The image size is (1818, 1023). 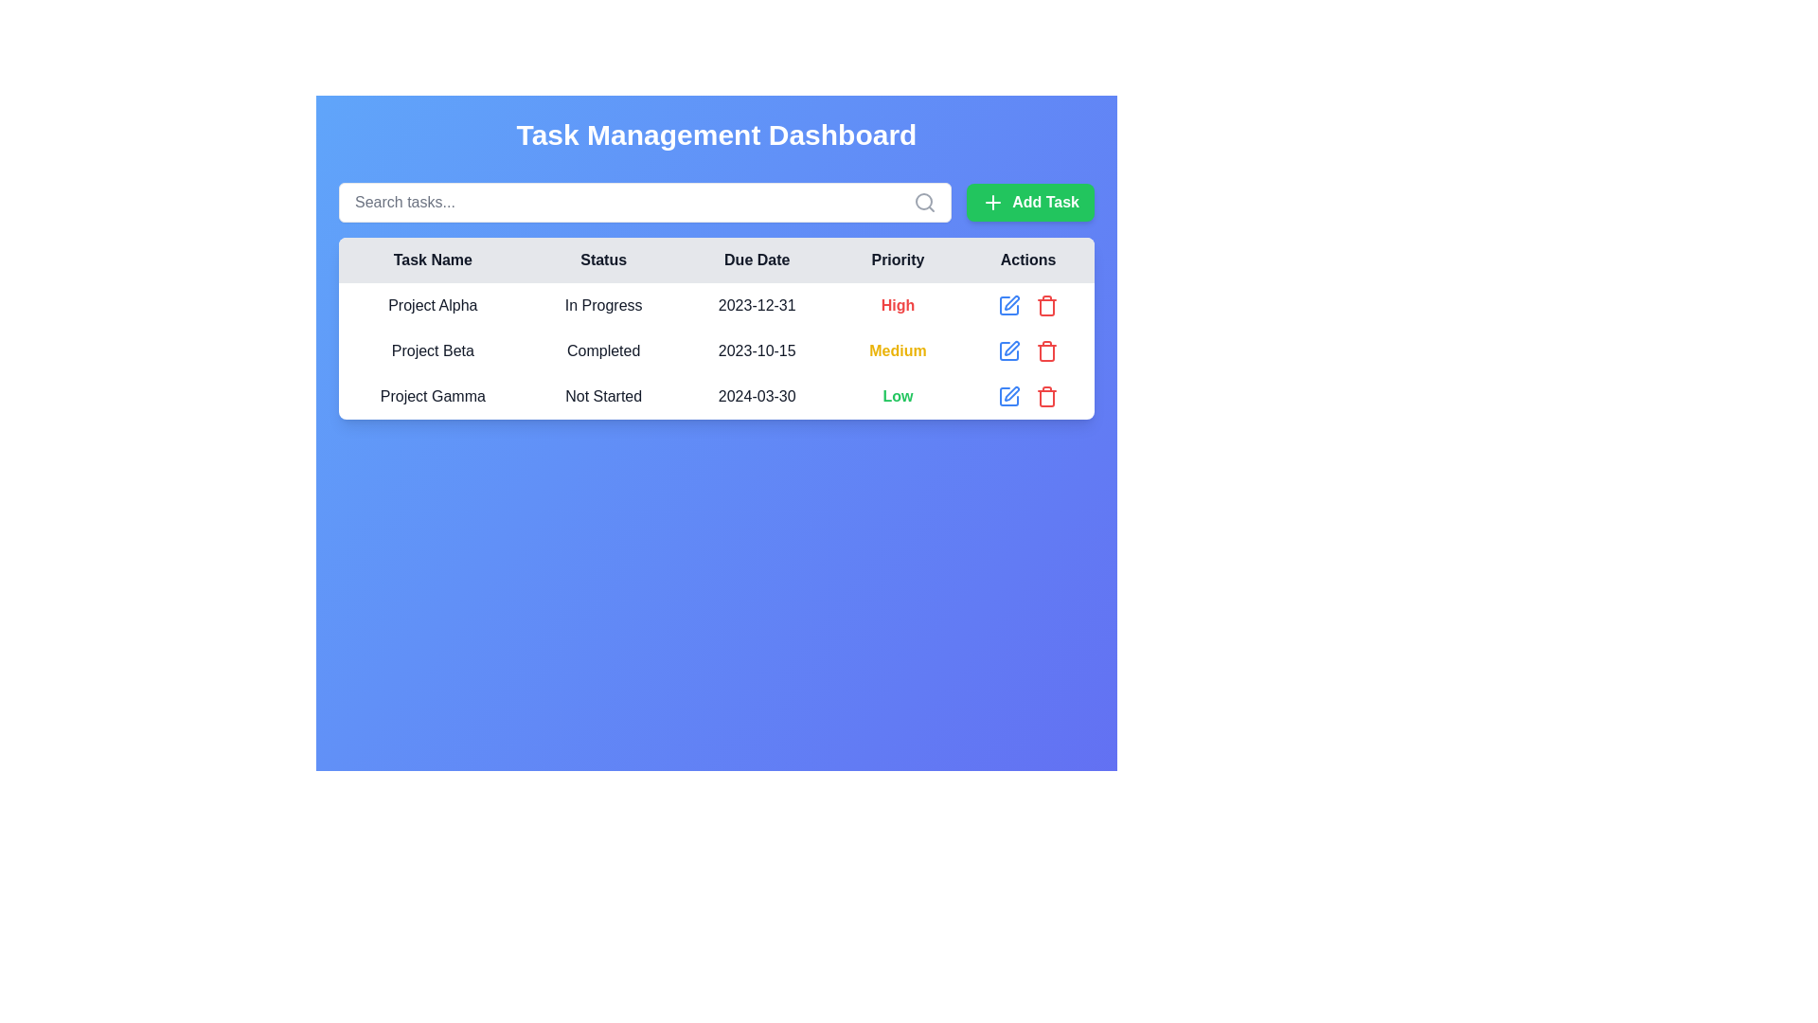 I want to click on the text label 'Low' in the 'Priority' column of the third row in the table, which is styled in vibrant green, so click(x=897, y=395).